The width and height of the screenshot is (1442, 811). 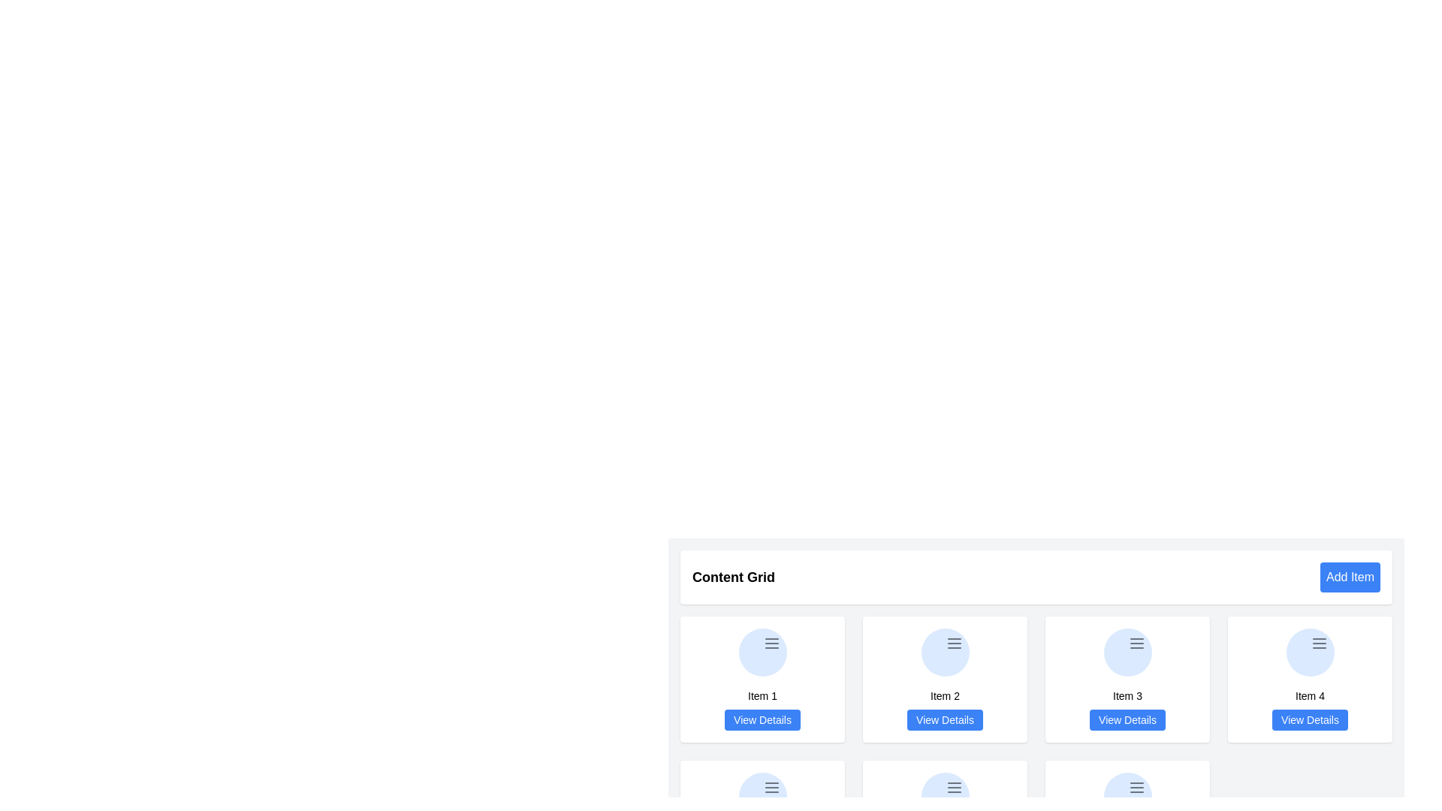 What do you see at coordinates (1127, 651) in the screenshot?
I see `the decorative icon, which is a circular icon with a light blue background and three horizontal lines representing a menu, located at the top of the card labeled 'Item 3'` at bounding box center [1127, 651].